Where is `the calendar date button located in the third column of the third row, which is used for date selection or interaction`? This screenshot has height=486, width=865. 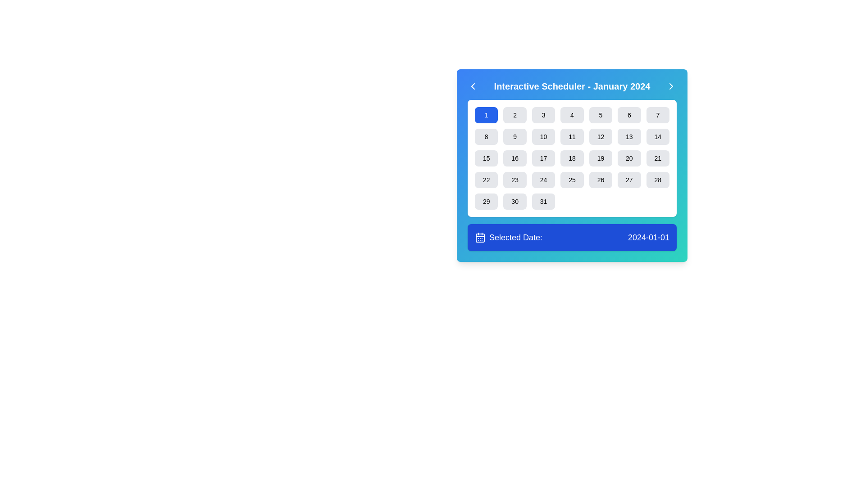
the calendar date button located in the third column of the third row, which is used for date selection or interaction is located at coordinates (543, 157).